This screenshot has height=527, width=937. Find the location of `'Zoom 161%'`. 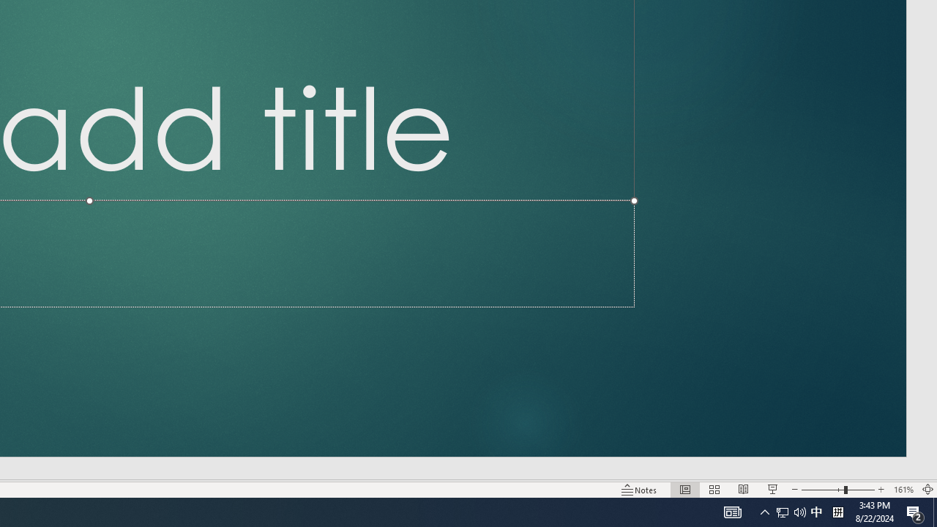

'Zoom 161%' is located at coordinates (903, 490).